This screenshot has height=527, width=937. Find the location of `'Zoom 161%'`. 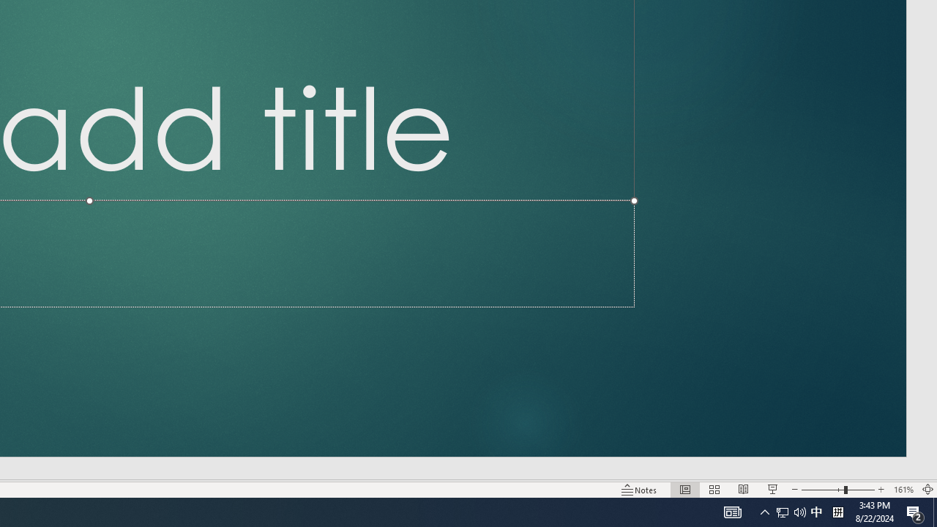

'Zoom 161%' is located at coordinates (903, 490).